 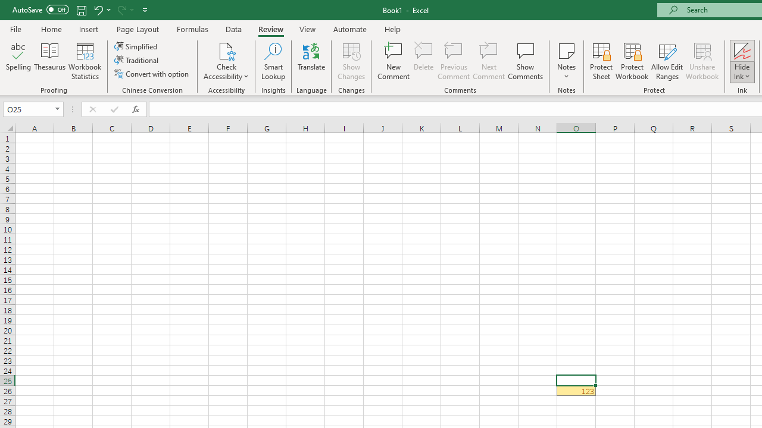 What do you see at coordinates (631, 61) in the screenshot?
I see `'Protect Workbook...'` at bounding box center [631, 61].